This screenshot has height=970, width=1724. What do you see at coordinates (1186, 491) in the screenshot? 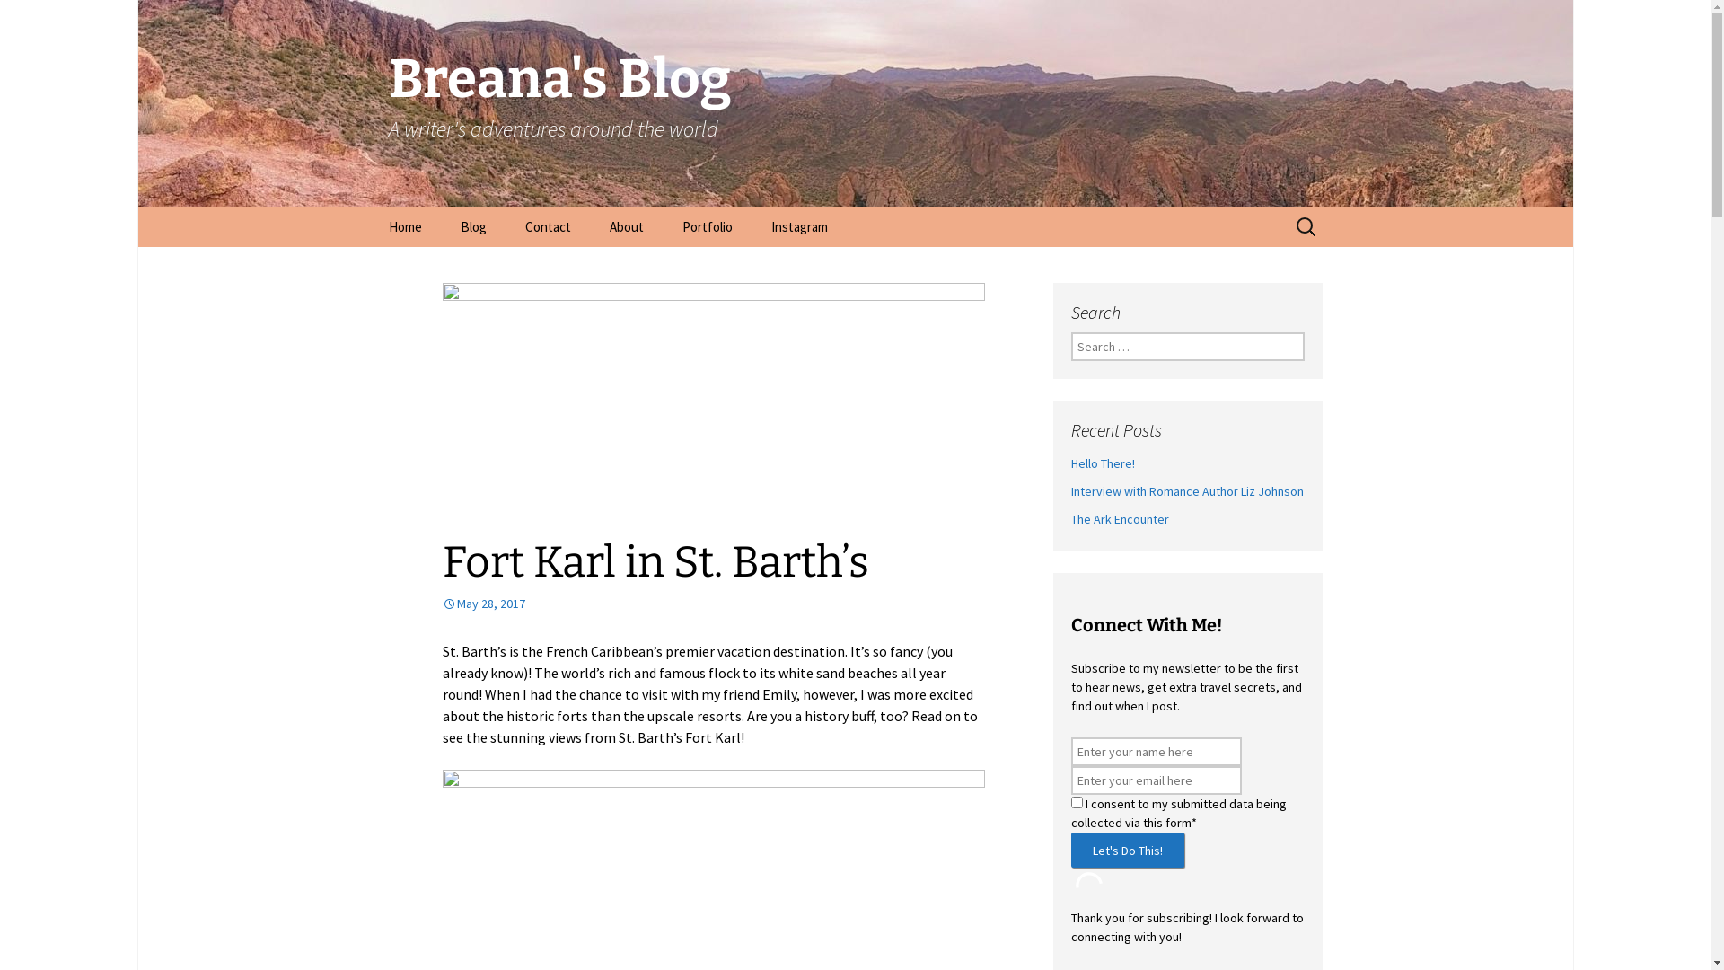
I see `'Interview with Romance Author Liz Johnson'` at bounding box center [1186, 491].